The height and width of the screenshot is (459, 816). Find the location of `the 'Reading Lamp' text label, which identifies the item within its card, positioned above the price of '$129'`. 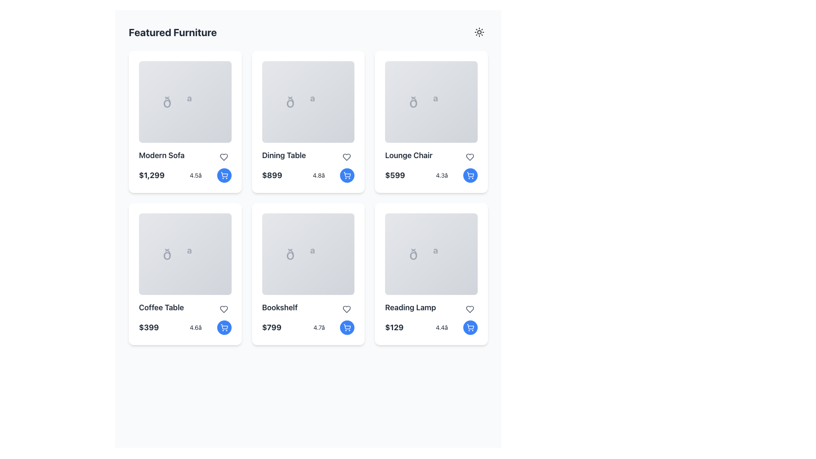

the 'Reading Lamp' text label, which identifies the item within its card, positioned above the price of '$129' is located at coordinates (431, 309).